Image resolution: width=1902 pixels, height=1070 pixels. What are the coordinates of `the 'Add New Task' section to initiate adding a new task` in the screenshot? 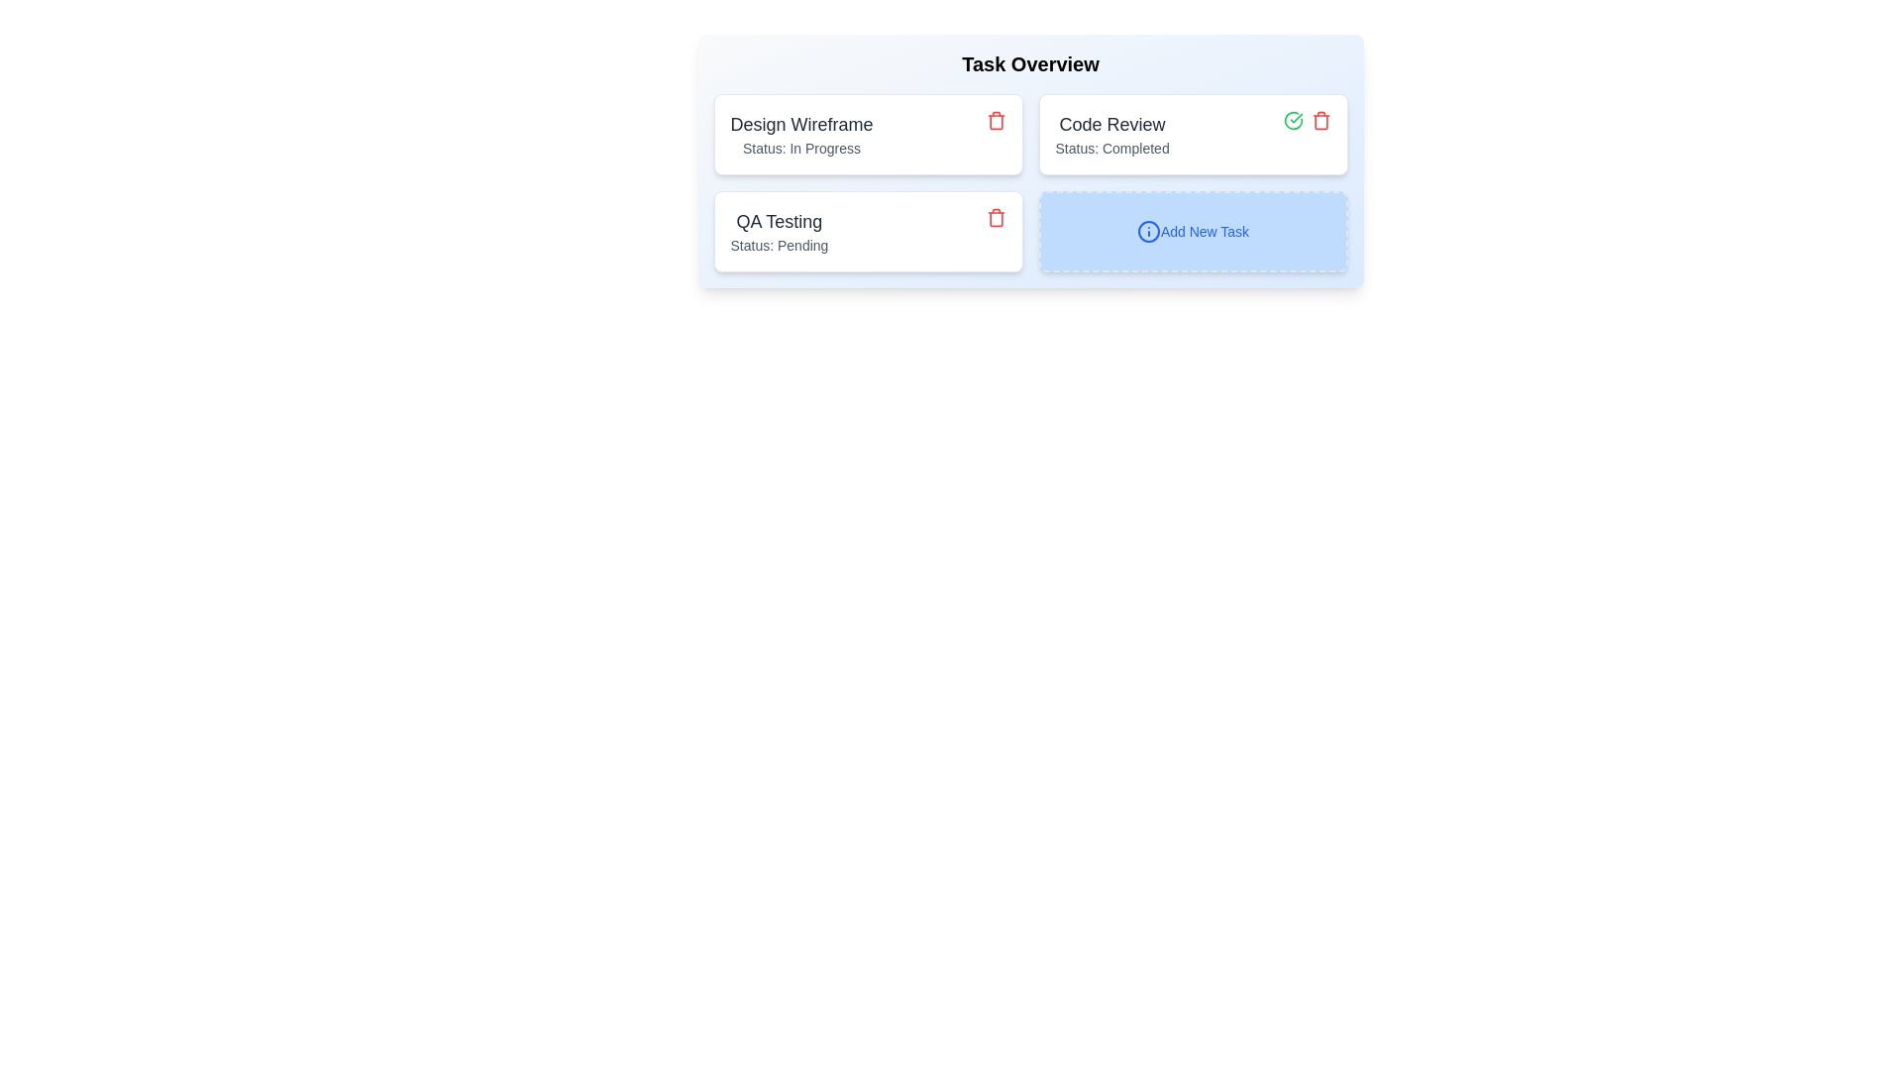 It's located at (1192, 231).